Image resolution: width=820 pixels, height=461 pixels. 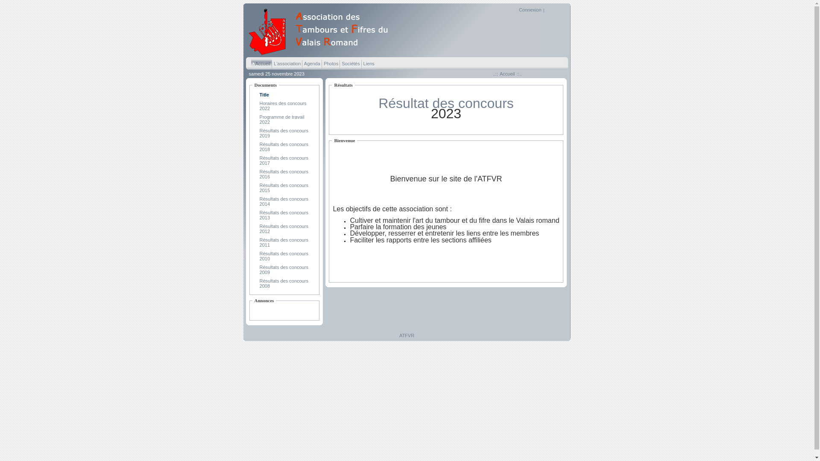 I want to click on 'Accueil', so click(x=507, y=73).